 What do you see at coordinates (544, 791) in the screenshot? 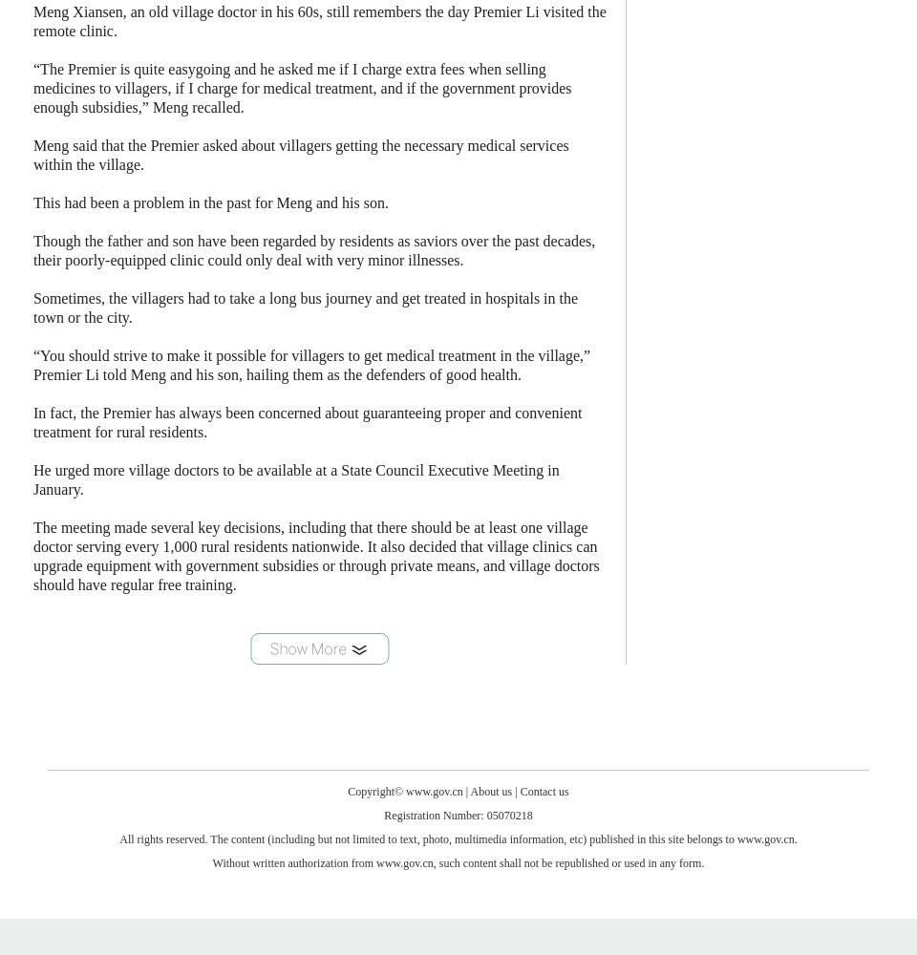
I see `'Contact us'` at bounding box center [544, 791].